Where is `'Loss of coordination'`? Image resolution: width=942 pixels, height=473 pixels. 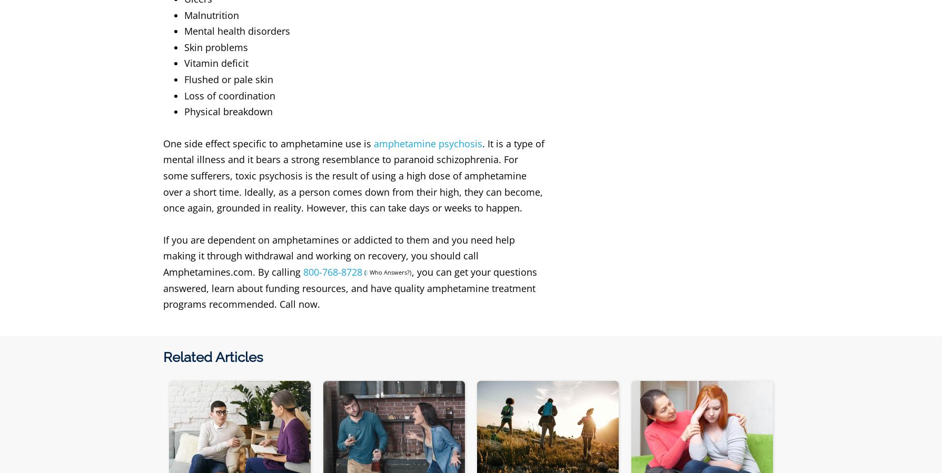 'Loss of coordination' is located at coordinates (229, 95).